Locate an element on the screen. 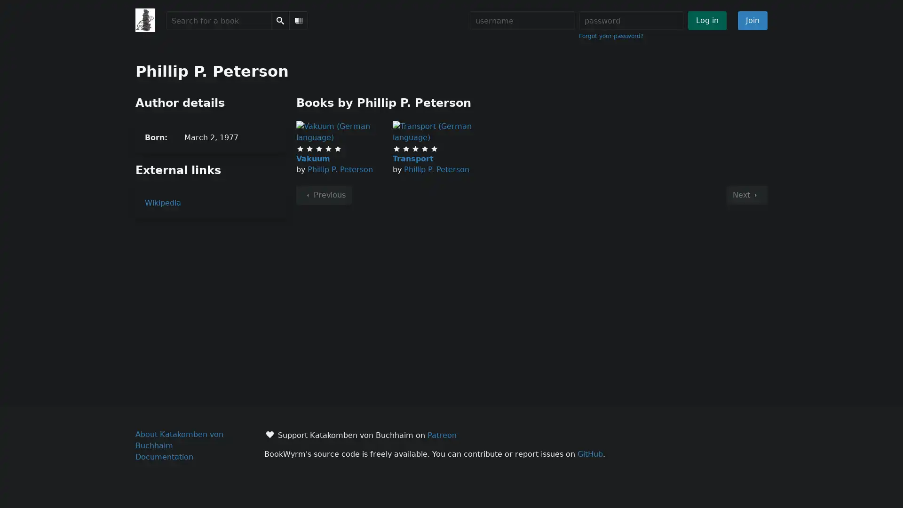 This screenshot has width=903, height=508. Scan Barcode is located at coordinates (297, 20).